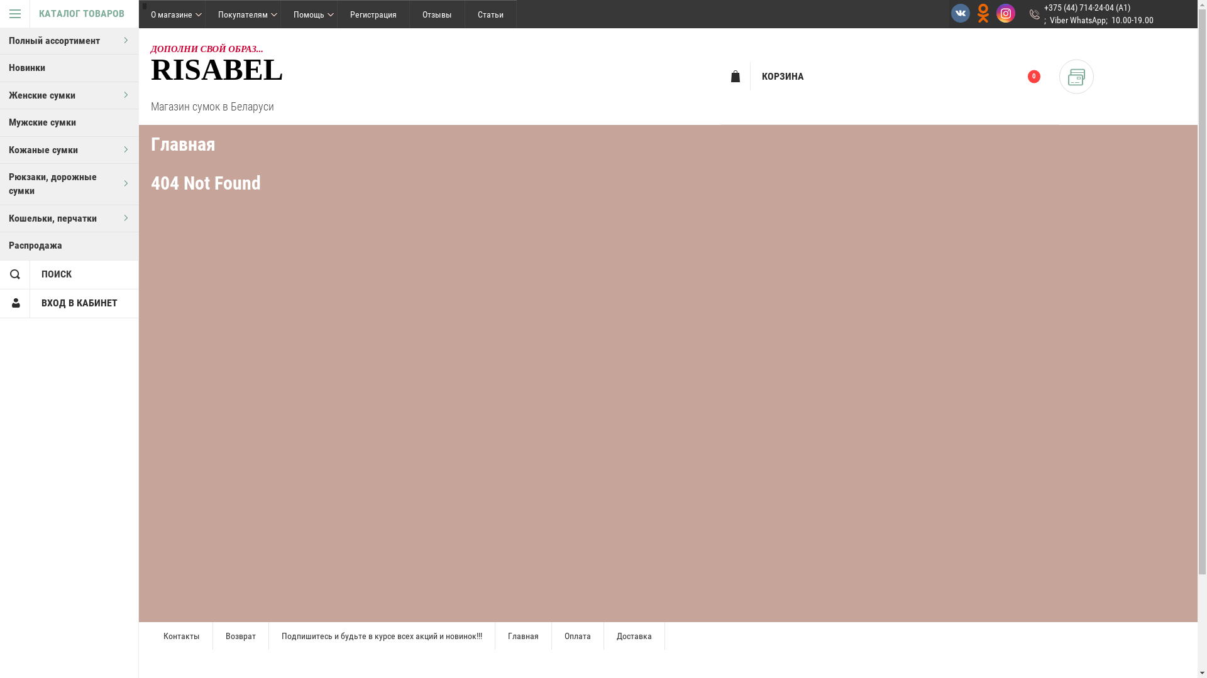 The image size is (1207, 678). Describe the element at coordinates (1077, 19) in the screenshot. I see `'Viber WhatsApp'` at that location.